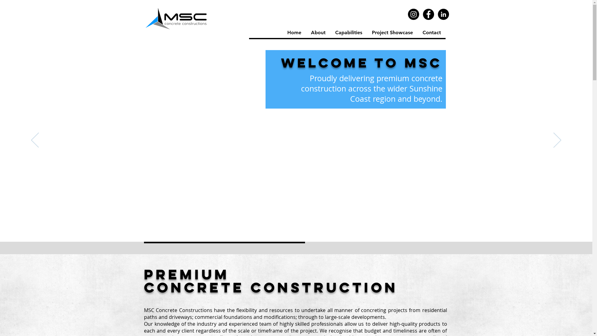  I want to click on 'Project Showcase', so click(367, 32).